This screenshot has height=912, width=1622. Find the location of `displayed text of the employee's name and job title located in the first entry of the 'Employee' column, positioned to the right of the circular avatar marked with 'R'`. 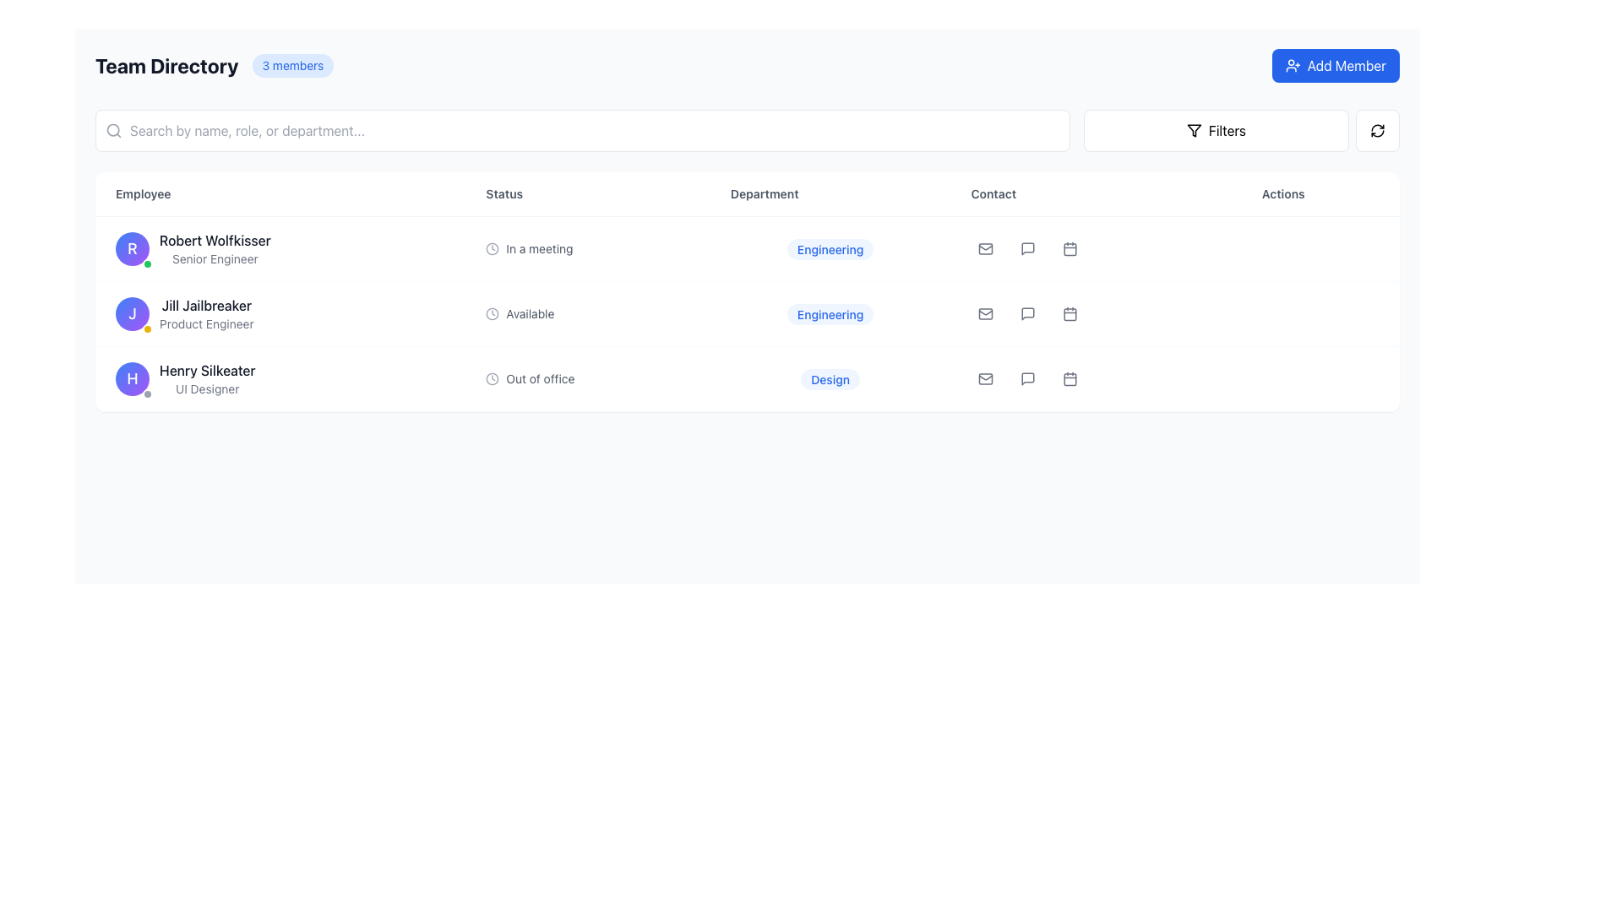

displayed text of the employee's name and job title located in the first entry of the 'Employee' column, positioned to the right of the circular avatar marked with 'R' is located at coordinates (214, 248).